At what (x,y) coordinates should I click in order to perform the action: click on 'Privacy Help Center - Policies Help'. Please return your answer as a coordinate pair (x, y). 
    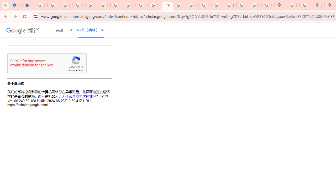
    Looking at the image, I should click on (192, 5).